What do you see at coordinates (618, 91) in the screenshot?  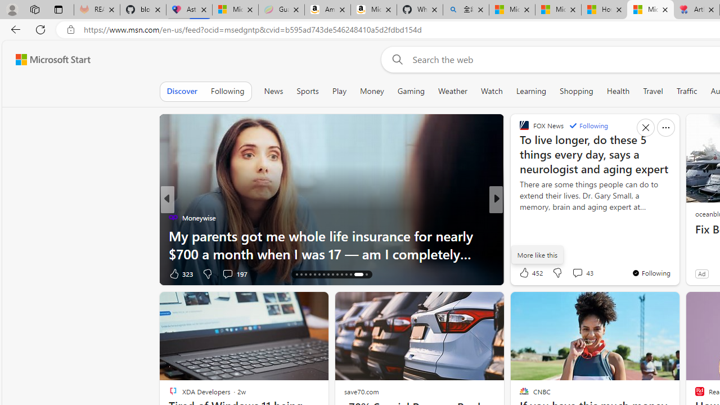 I see `'Health'` at bounding box center [618, 91].